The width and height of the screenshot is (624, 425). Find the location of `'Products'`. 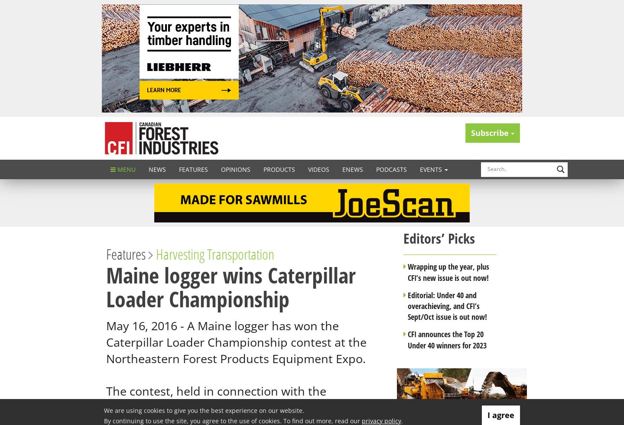

'Products' is located at coordinates (279, 169).